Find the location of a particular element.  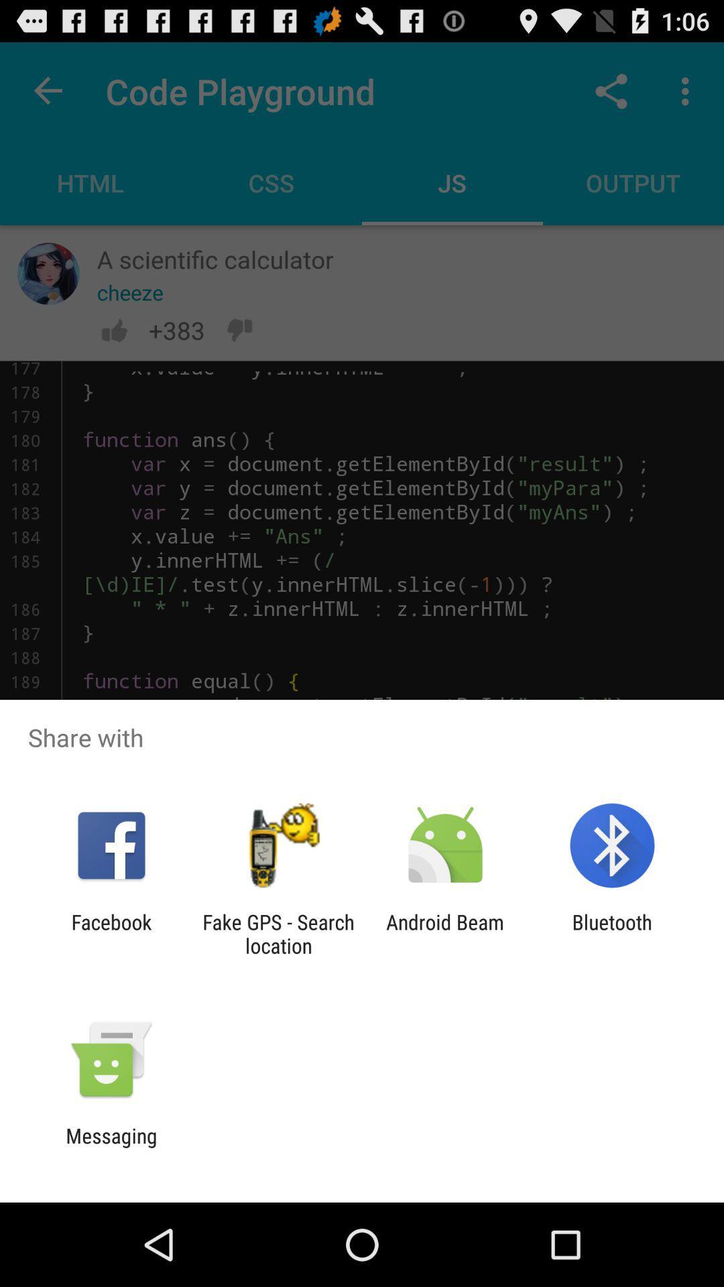

the messaging app is located at coordinates (111, 1147).